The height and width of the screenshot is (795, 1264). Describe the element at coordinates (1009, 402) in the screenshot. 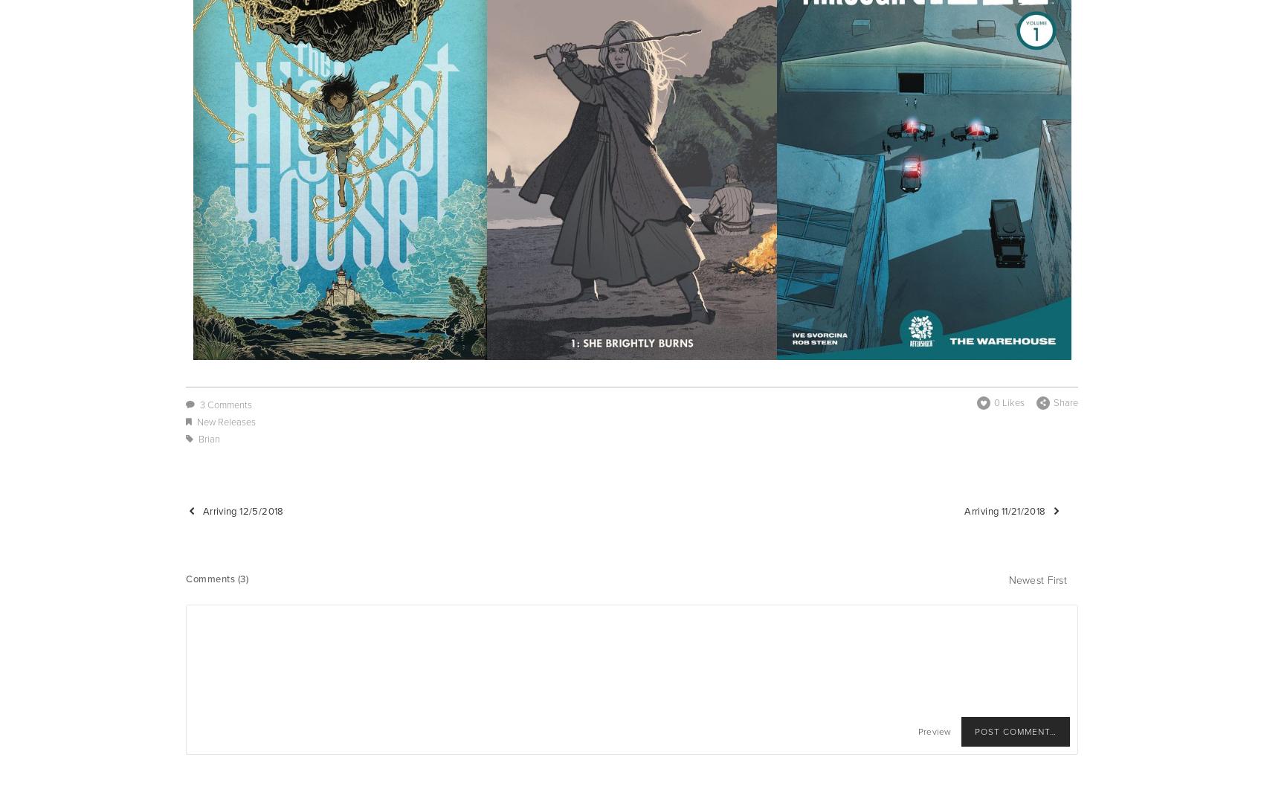

I see `'0 Likes'` at that location.